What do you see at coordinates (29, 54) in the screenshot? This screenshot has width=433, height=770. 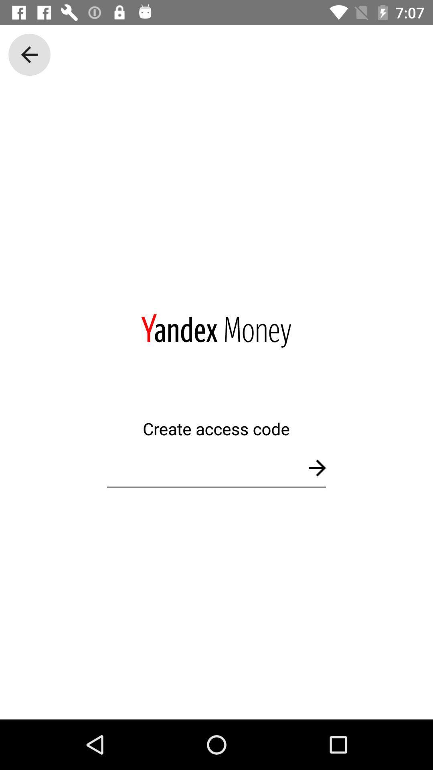 I see `icon at the top left corner` at bounding box center [29, 54].